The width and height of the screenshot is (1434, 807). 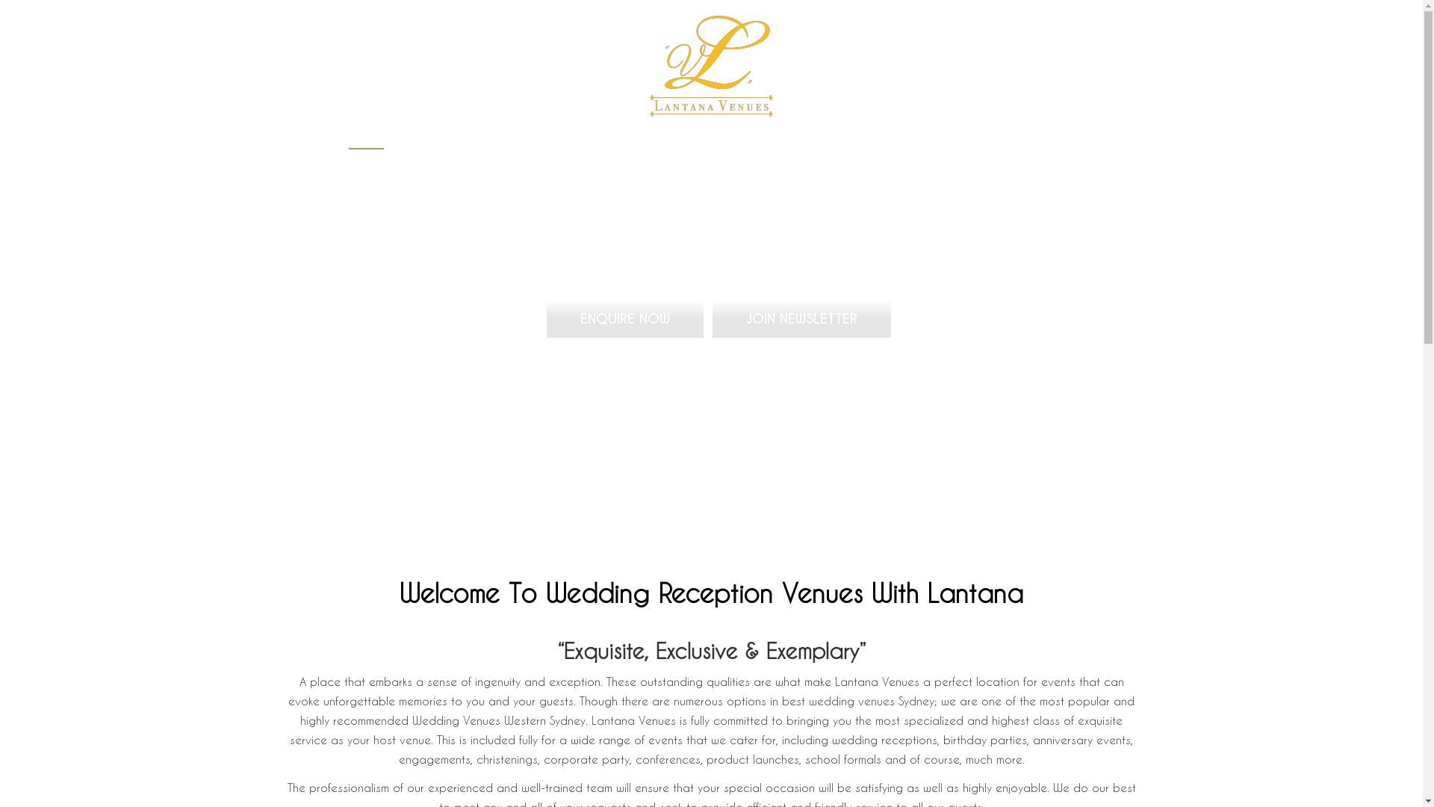 I want to click on 'ABOUT US', so click(x=576, y=140).